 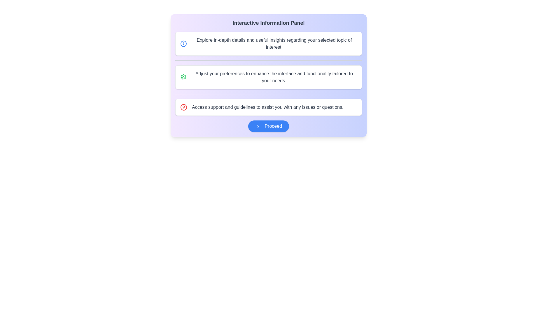 I want to click on the second horizontal separation line that divides the content blocks in the panel, located below the first content block and above the second block, so click(x=268, y=60).